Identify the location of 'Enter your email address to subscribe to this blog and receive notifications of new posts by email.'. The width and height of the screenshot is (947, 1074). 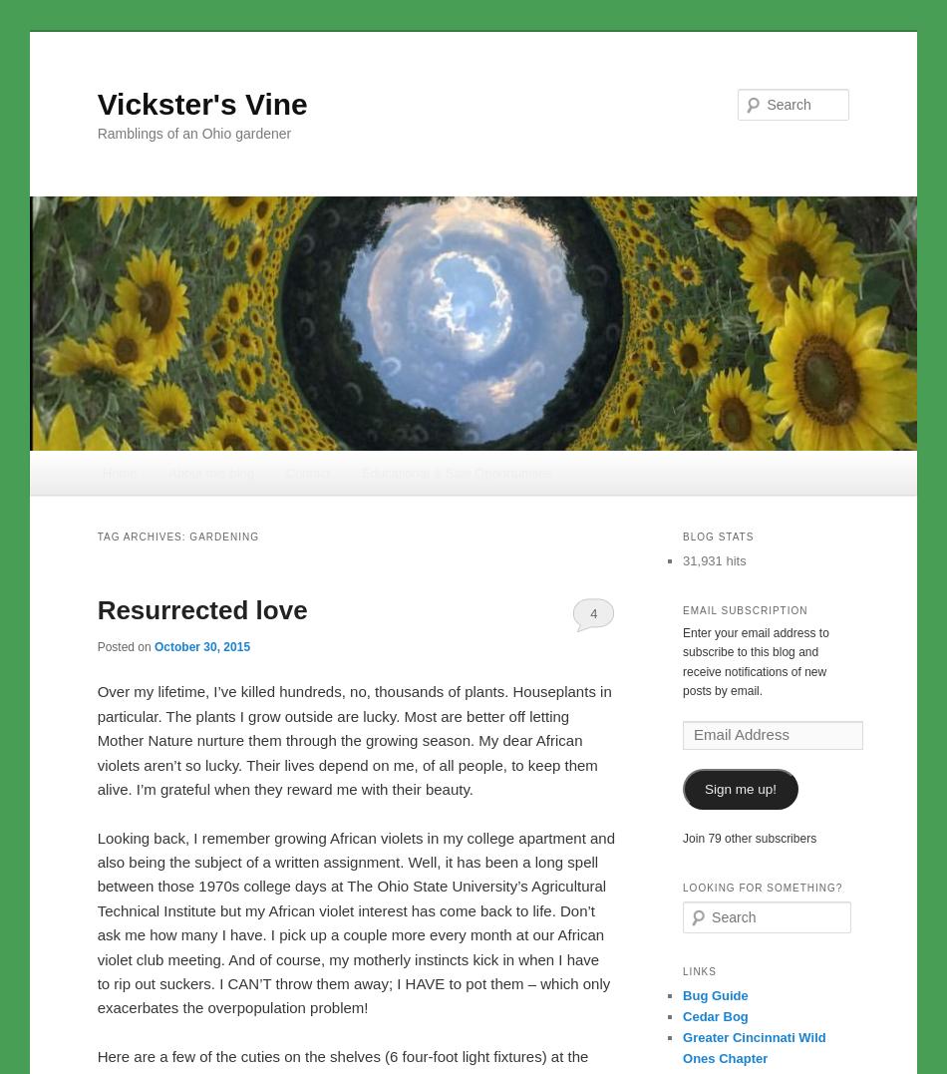
(755, 660).